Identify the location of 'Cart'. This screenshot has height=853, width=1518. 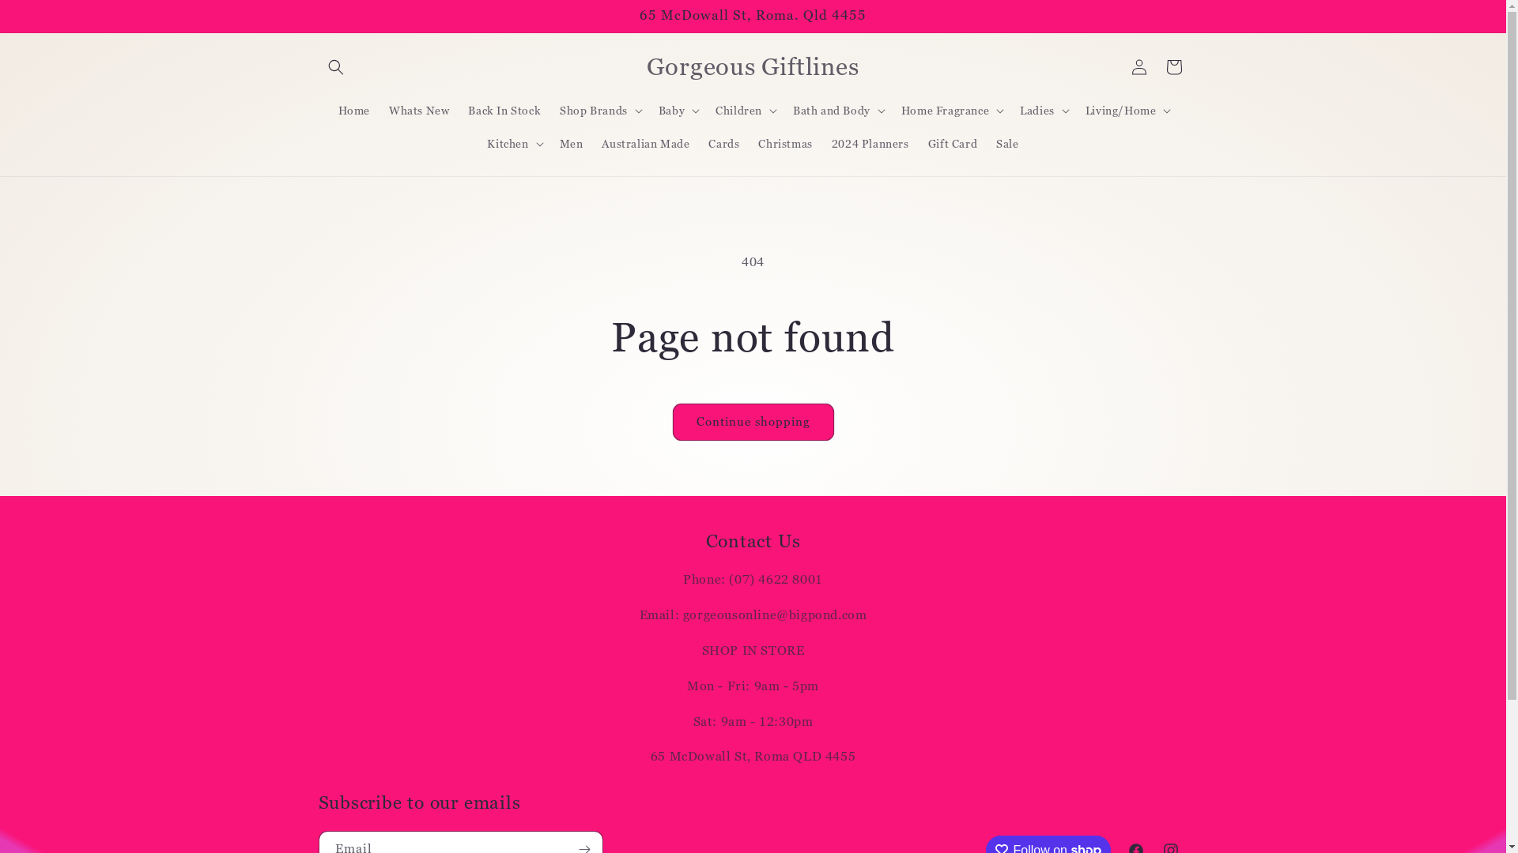
(1172, 66).